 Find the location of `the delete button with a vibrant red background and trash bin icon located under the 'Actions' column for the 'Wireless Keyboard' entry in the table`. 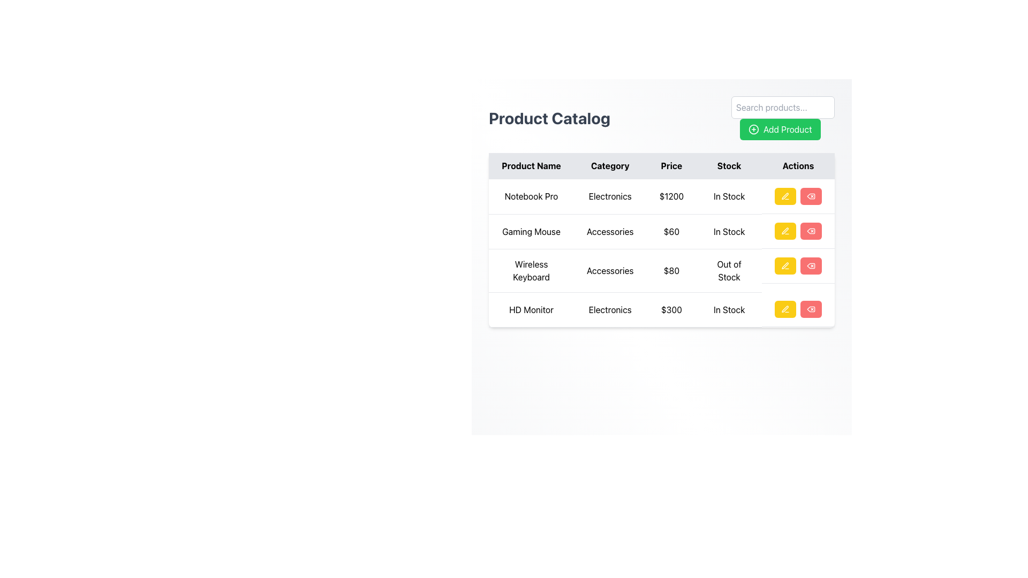

the delete button with a vibrant red background and trash bin icon located under the 'Actions' column for the 'Wireless Keyboard' entry in the table is located at coordinates (811, 265).